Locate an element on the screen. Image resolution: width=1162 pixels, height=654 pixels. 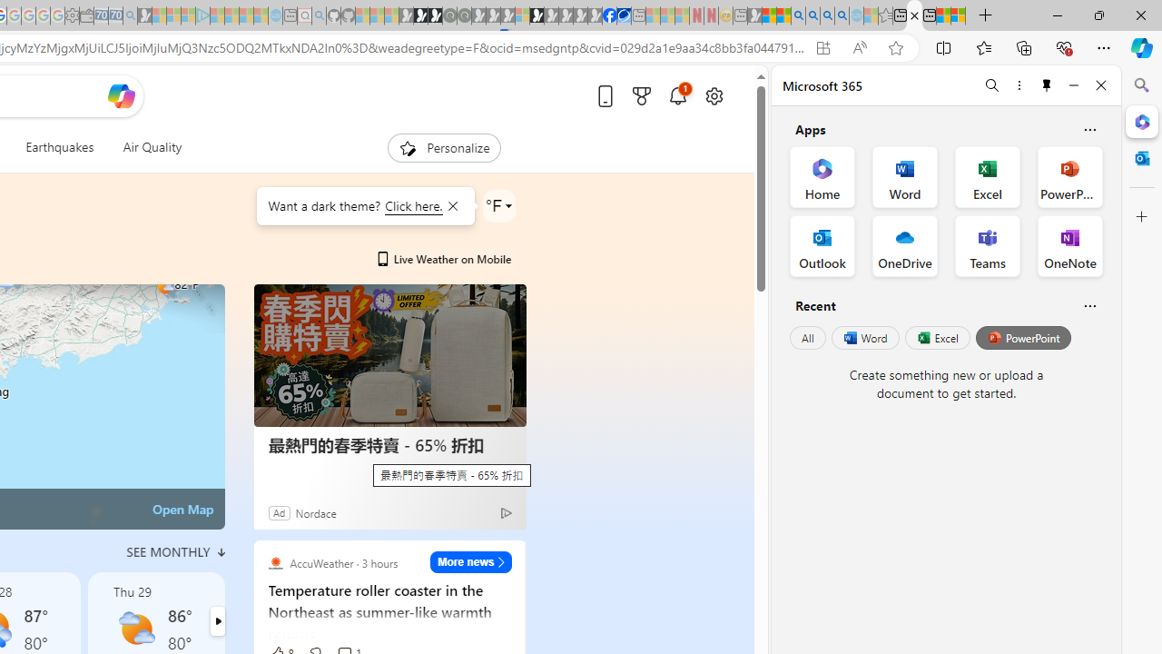
'App available. Install Microsoft Start Weather' is located at coordinates (822, 47).